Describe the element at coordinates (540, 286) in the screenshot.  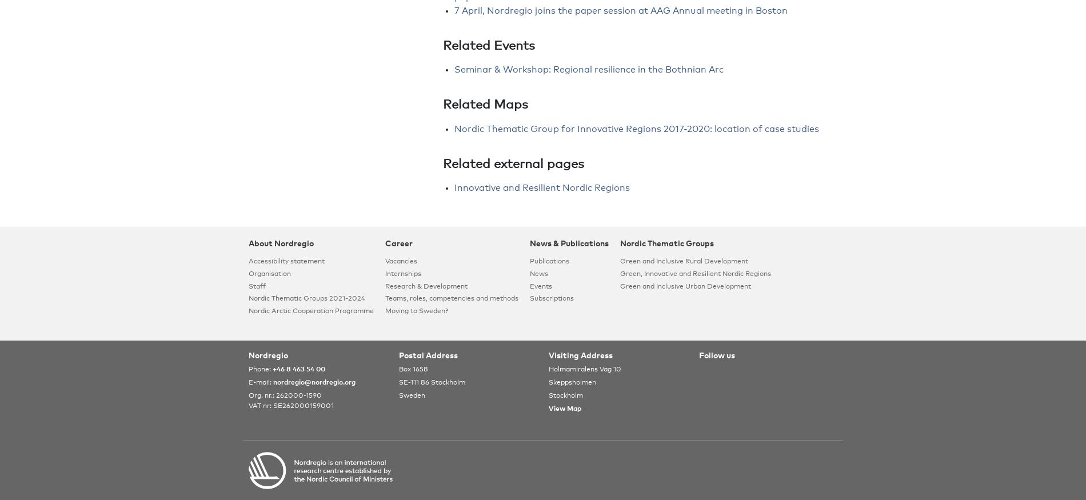
I see `'Events'` at that location.